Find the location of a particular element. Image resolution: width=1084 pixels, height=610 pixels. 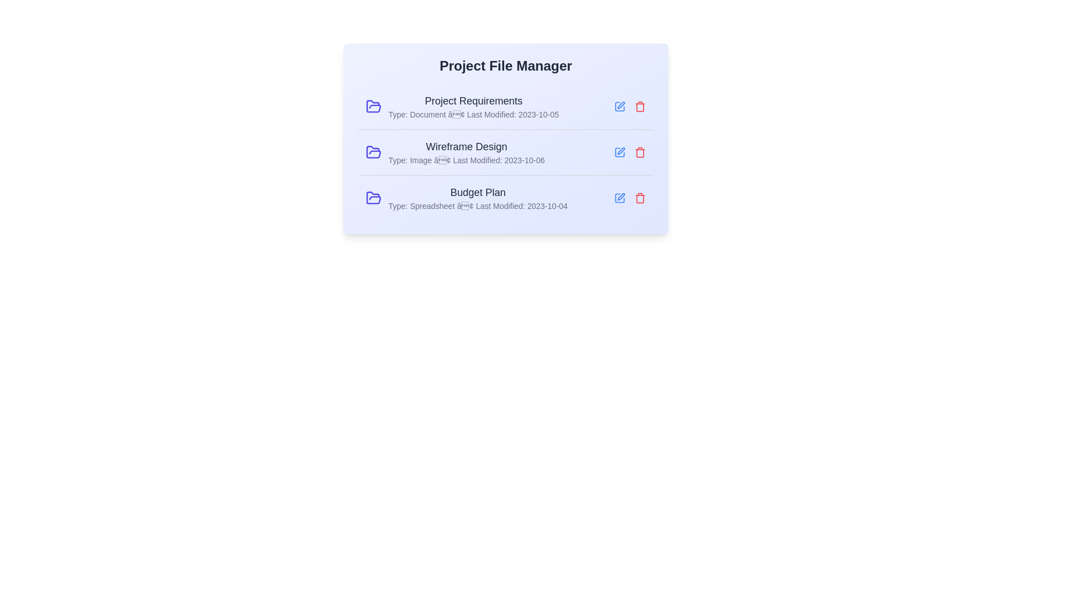

the folder icon to open the file Wireframe Design is located at coordinates (374, 152).